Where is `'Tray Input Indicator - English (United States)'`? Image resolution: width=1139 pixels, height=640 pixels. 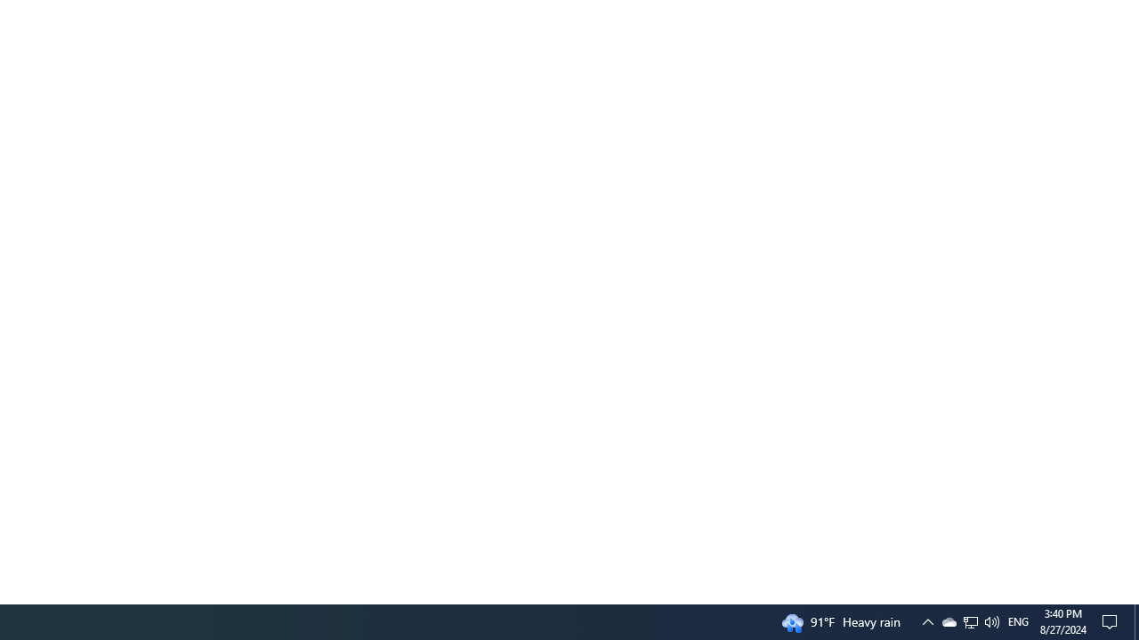
'Tray Input Indicator - English (United States)' is located at coordinates (1018, 620).